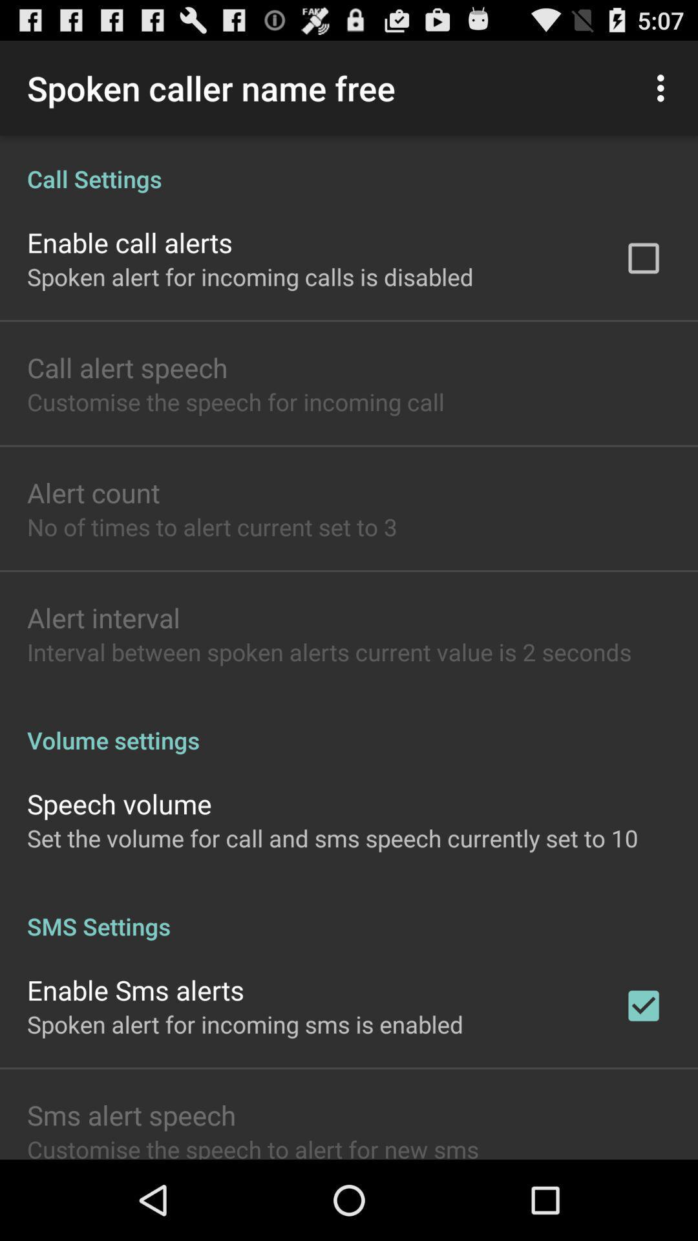 The image size is (698, 1241). I want to click on app above the interval between spoken item, so click(103, 617).